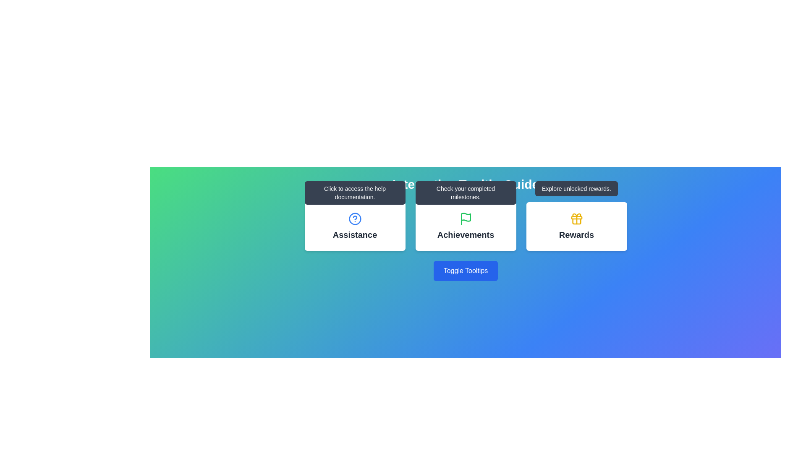 This screenshot has height=453, width=806. I want to click on the rectangular button with a blue background and white text reading 'Toggle Tooltips' to change its background color, so click(465, 271).